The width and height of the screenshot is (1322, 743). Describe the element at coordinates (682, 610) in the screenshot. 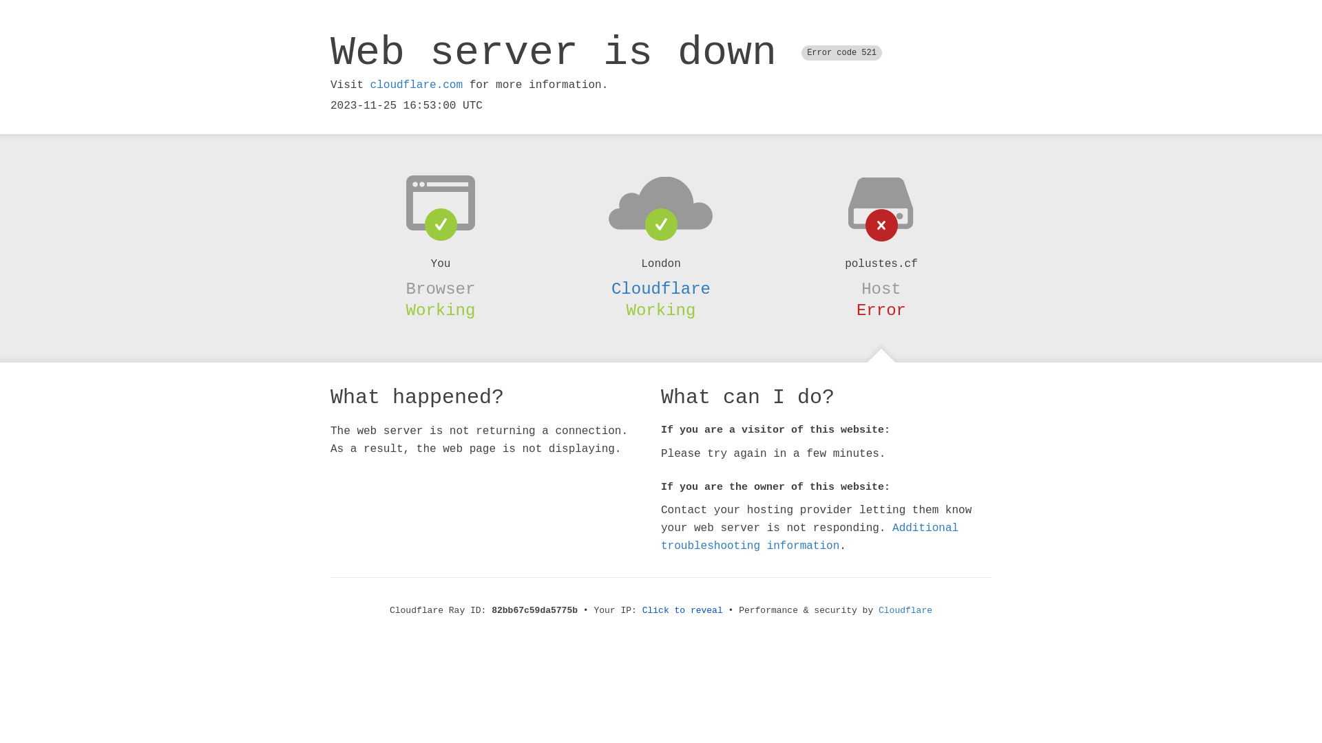

I see `'Click to reveal'` at that location.